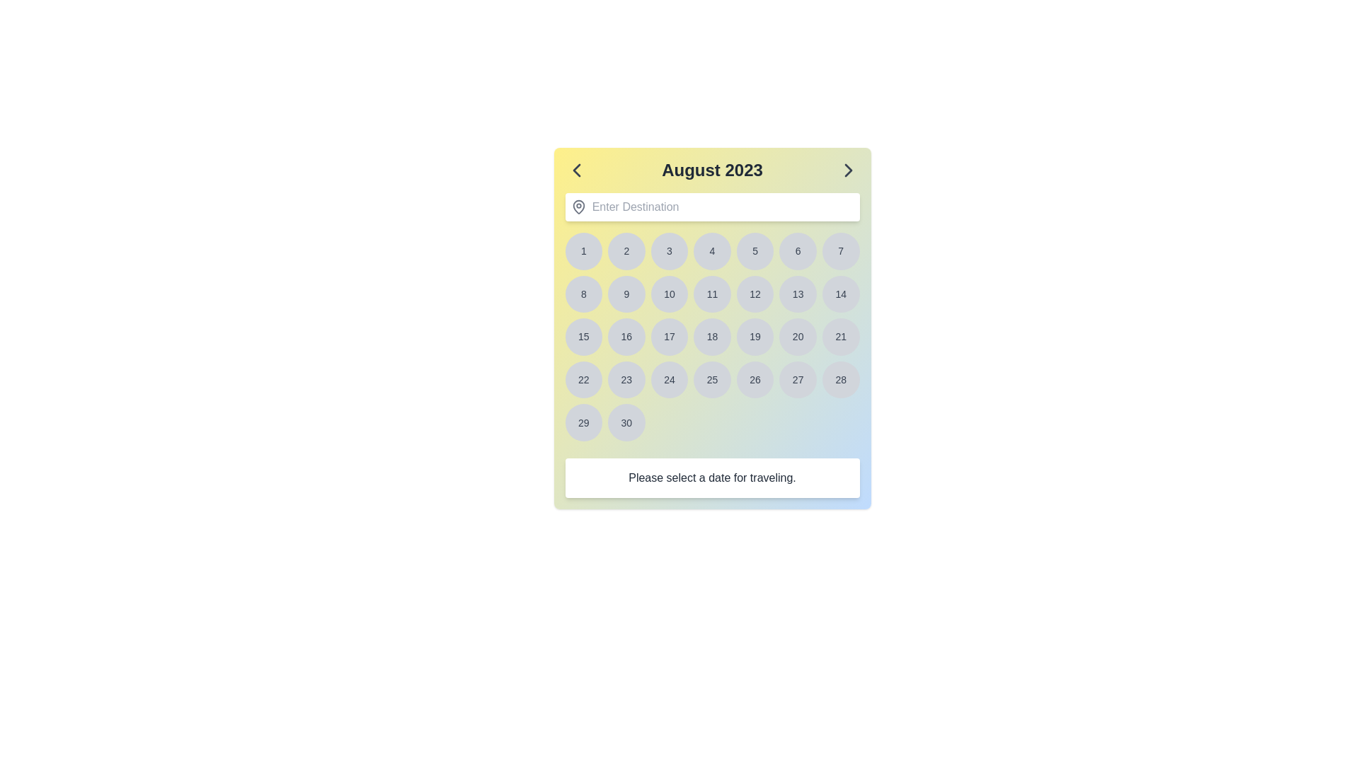  What do you see at coordinates (668, 378) in the screenshot?
I see `the circular button labeled '24' in the calendar display interface, located in the fourth row and fourth column of the grid layout` at bounding box center [668, 378].